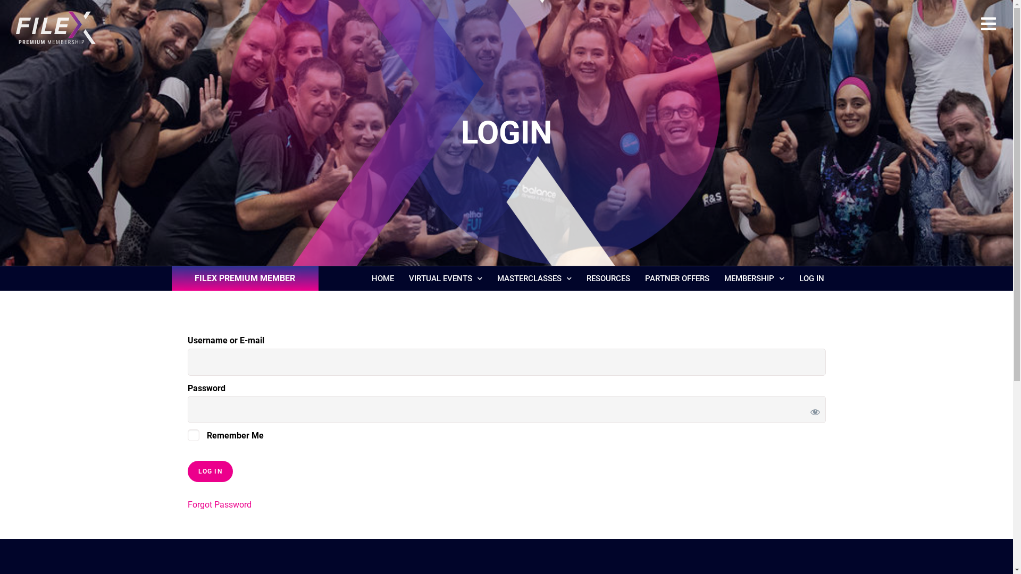 The width and height of the screenshot is (1021, 574). Describe the element at coordinates (210, 471) in the screenshot. I see `'Log In'` at that location.